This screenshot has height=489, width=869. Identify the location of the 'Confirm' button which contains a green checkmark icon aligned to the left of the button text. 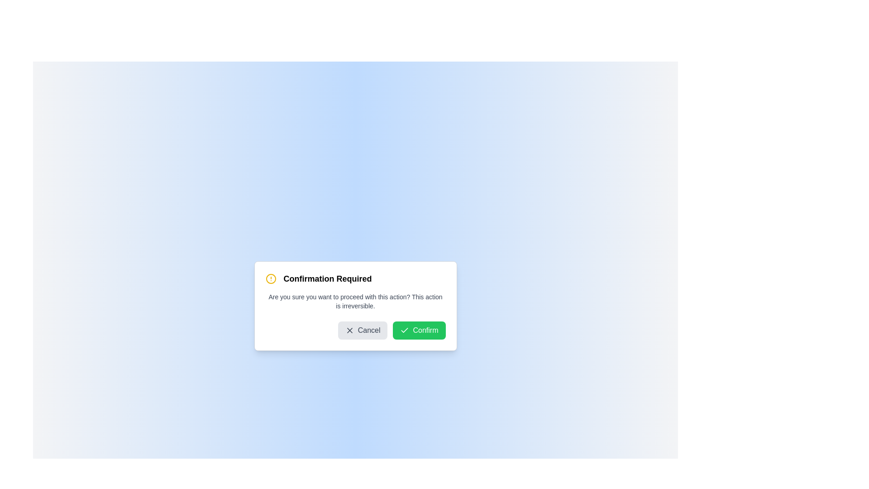
(404, 330).